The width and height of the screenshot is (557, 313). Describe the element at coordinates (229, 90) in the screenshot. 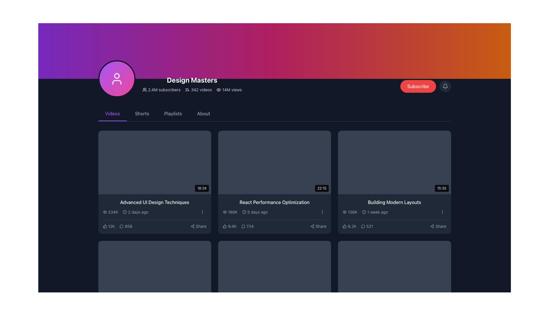

I see `the static text element displaying the total number of views associated with the channel 'Design Masters', which is the third item in a horizontal list of statistics` at that location.